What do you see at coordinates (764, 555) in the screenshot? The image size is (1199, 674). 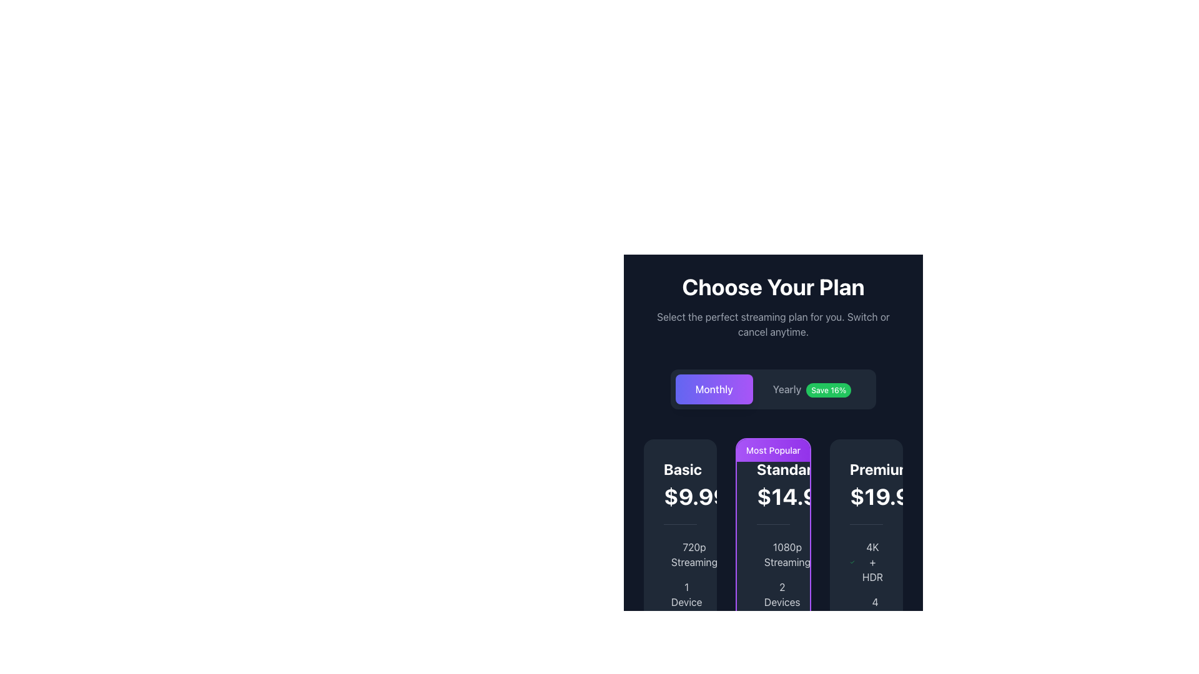 I see `the checkmark icon indicating the '1080p Streaming' feature within the 'Standard' pricing plan` at bounding box center [764, 555].